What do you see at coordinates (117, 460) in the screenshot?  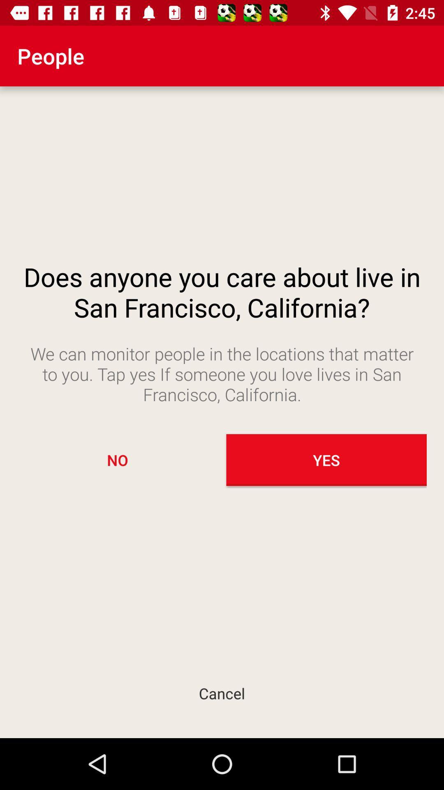 I see `the icon next to the yes icon` at bounding box center [117, 460].